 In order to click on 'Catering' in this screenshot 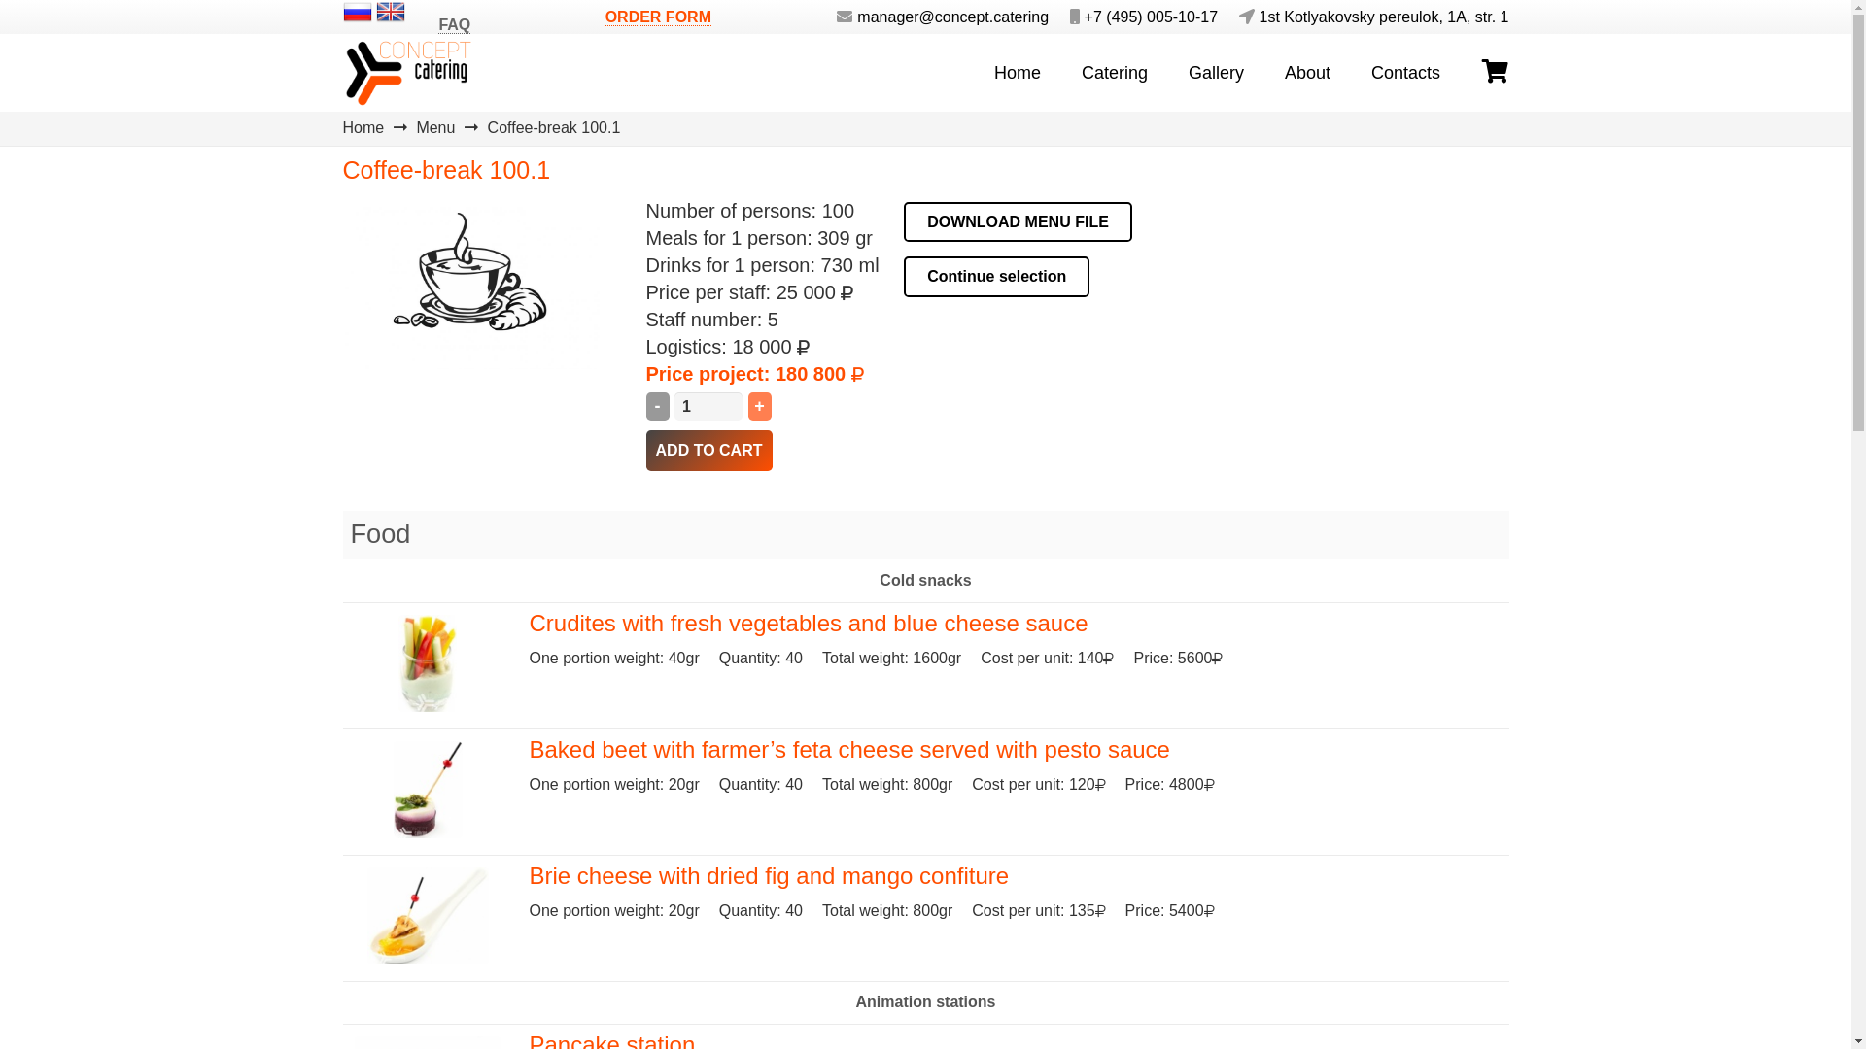, I will do `click(1115, 71)`.